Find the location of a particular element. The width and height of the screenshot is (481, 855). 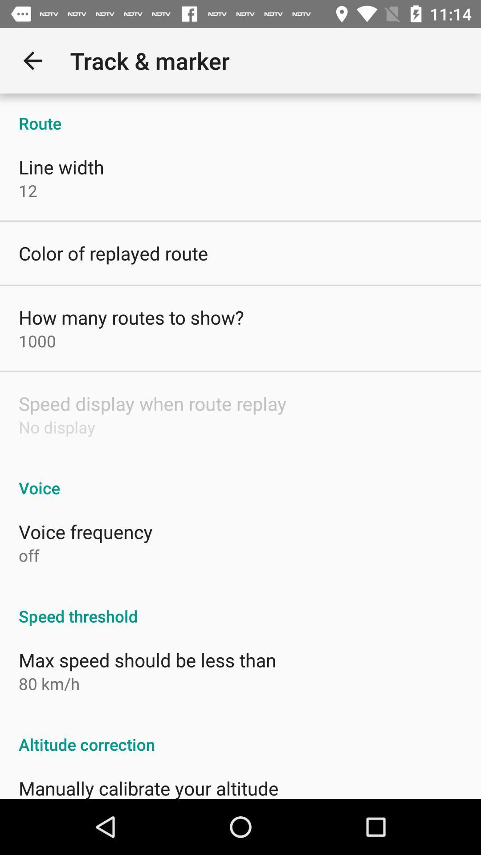

icon above the voice is located at coordinates (57, 427).